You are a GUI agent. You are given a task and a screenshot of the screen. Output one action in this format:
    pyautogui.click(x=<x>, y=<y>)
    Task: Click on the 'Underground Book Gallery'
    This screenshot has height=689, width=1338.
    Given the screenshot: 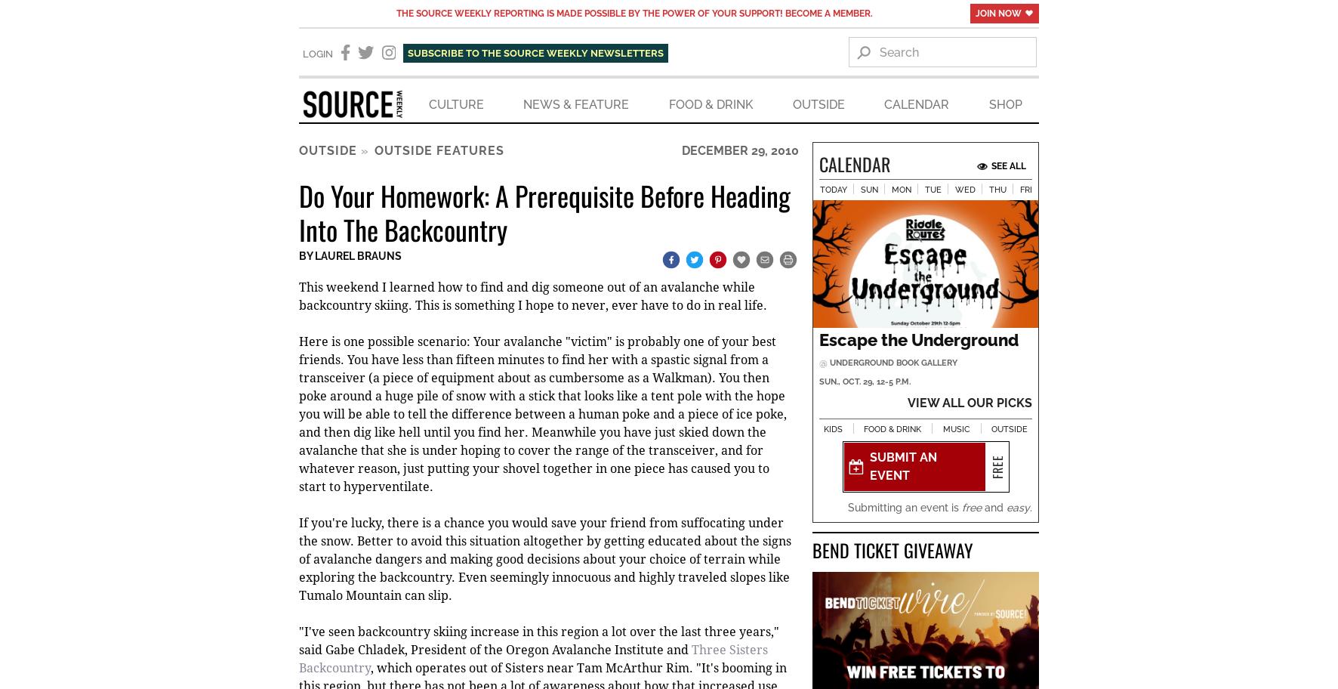 What is the action you would take?
    pyautogui.click(x=891, y=363)
    